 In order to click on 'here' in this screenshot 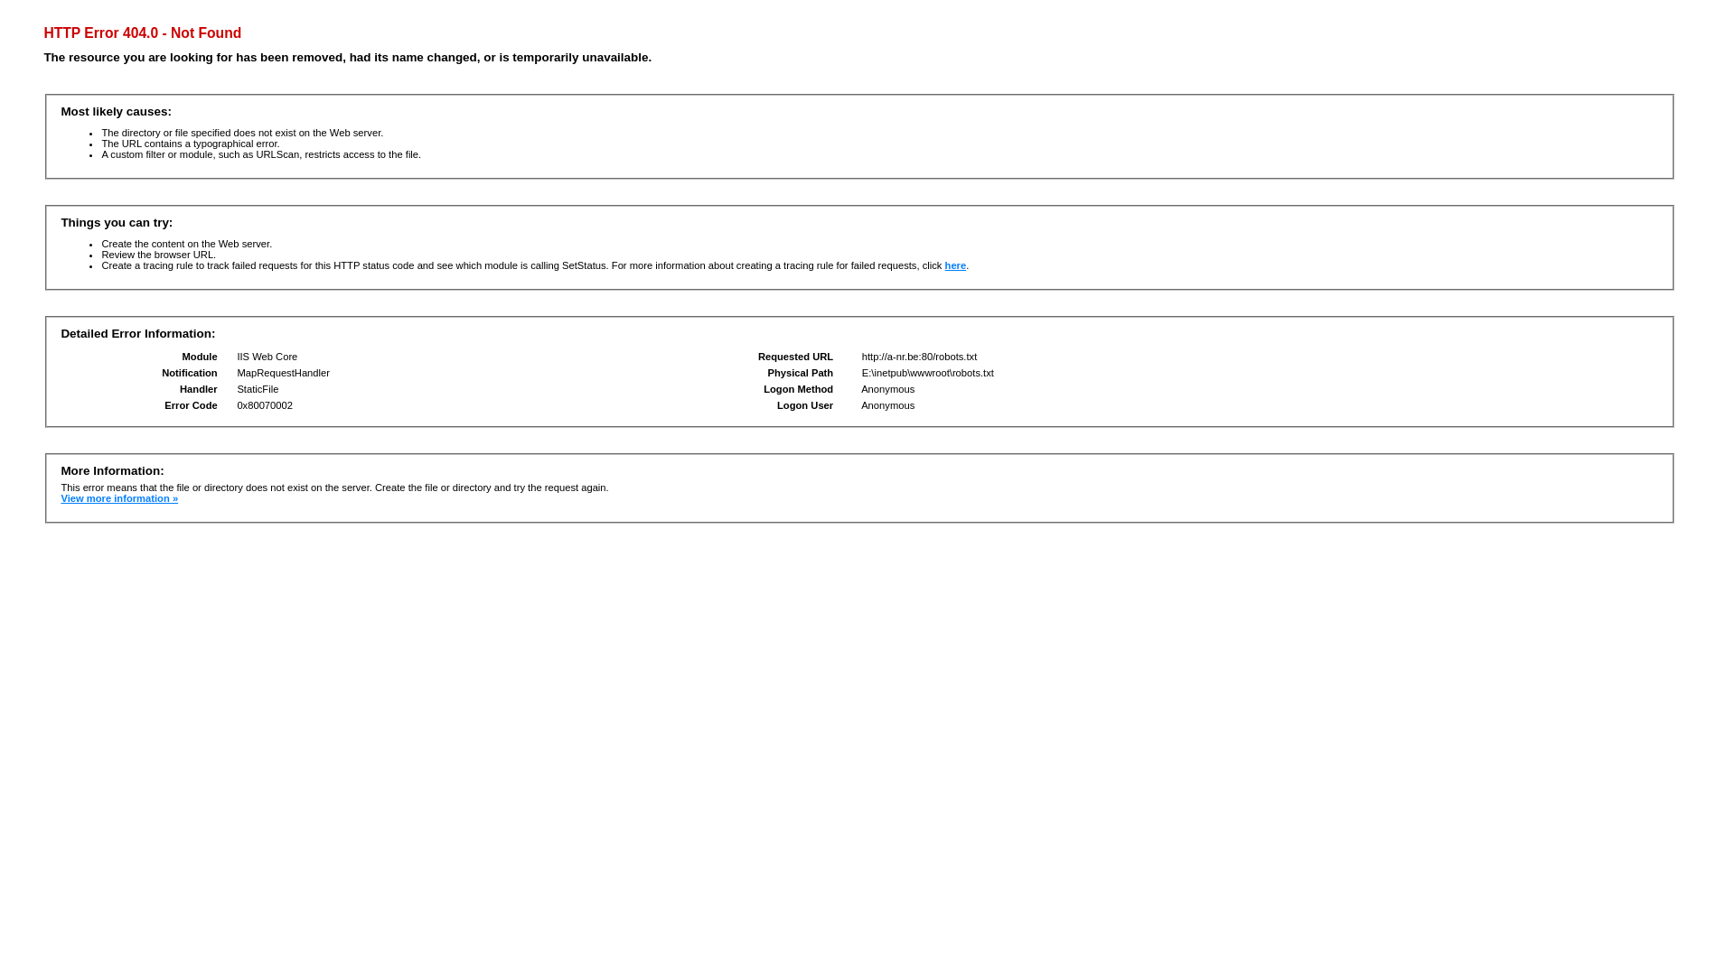, I will do `click(954, 265)`.